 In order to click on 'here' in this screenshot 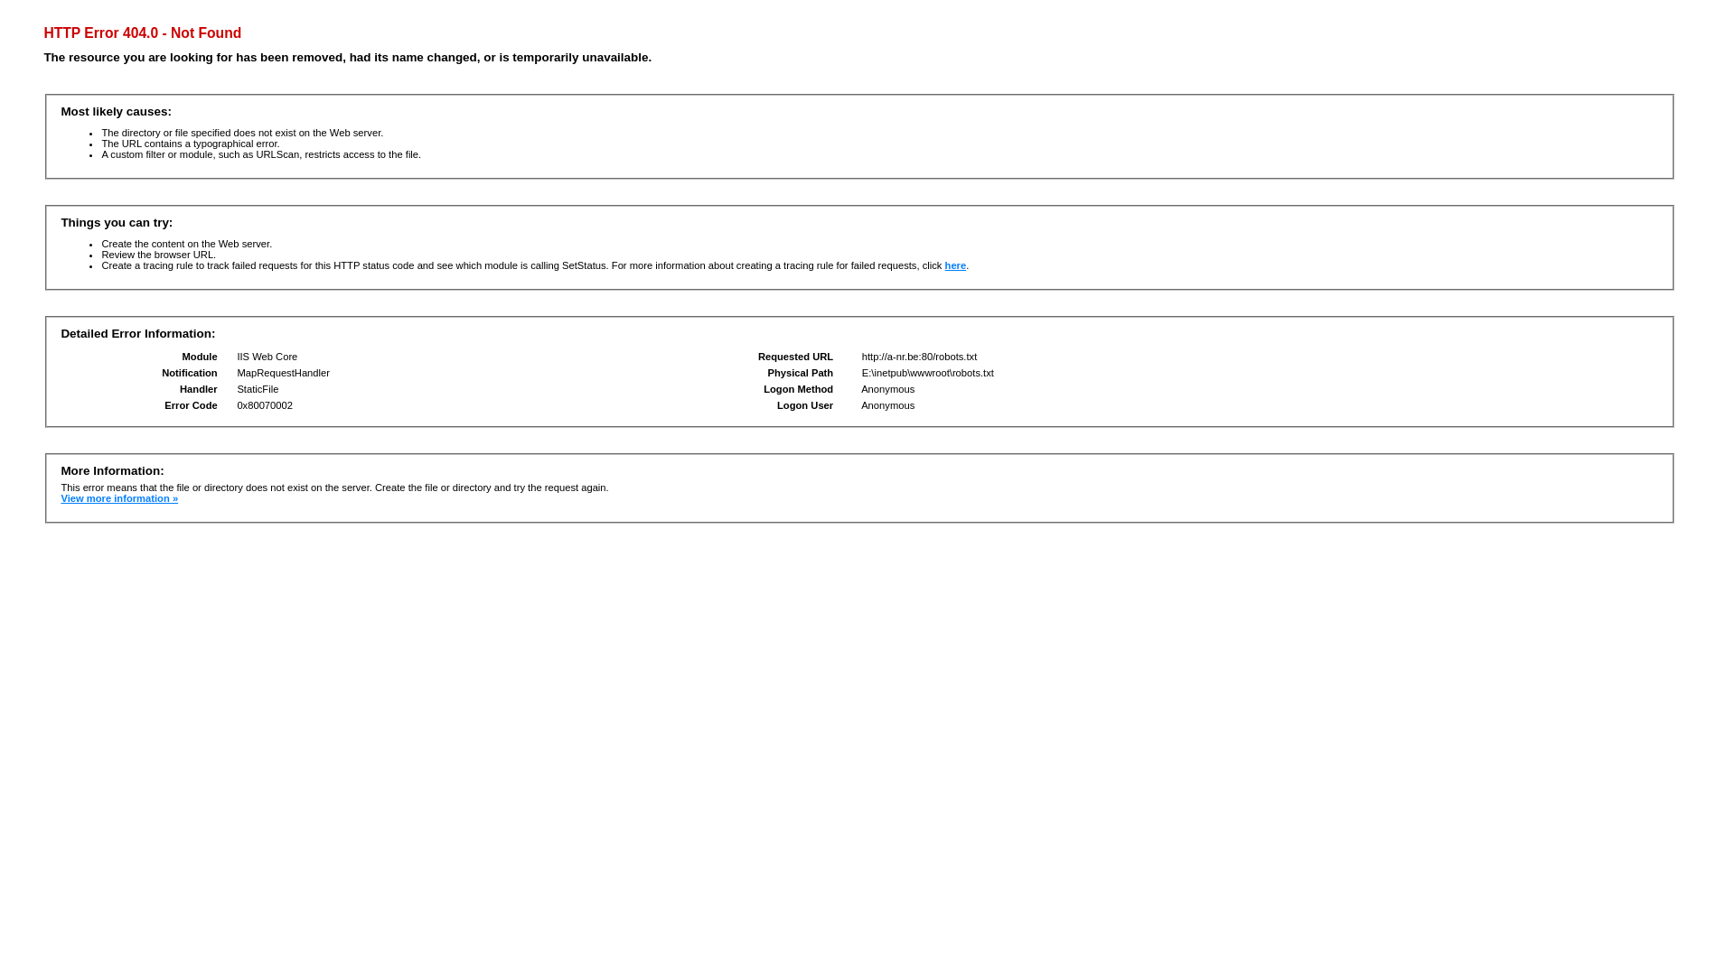, I will do `click(954, 265)`.